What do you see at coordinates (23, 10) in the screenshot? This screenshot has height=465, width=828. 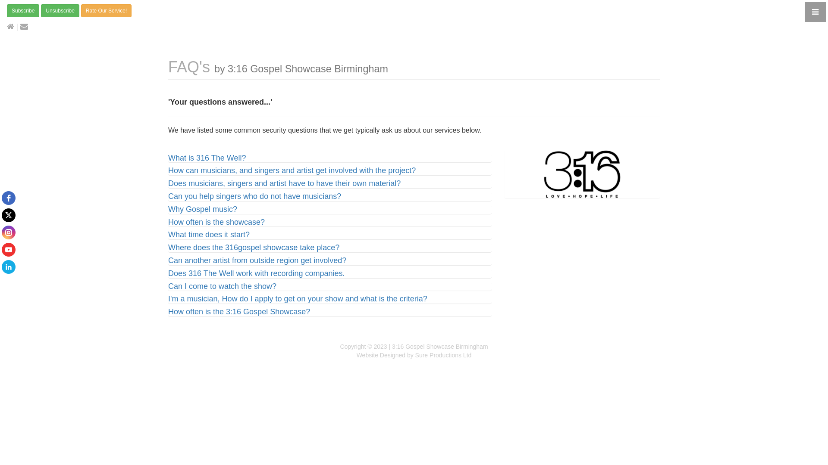 I see `'Subscribe'` at bounding box center [23, 10].